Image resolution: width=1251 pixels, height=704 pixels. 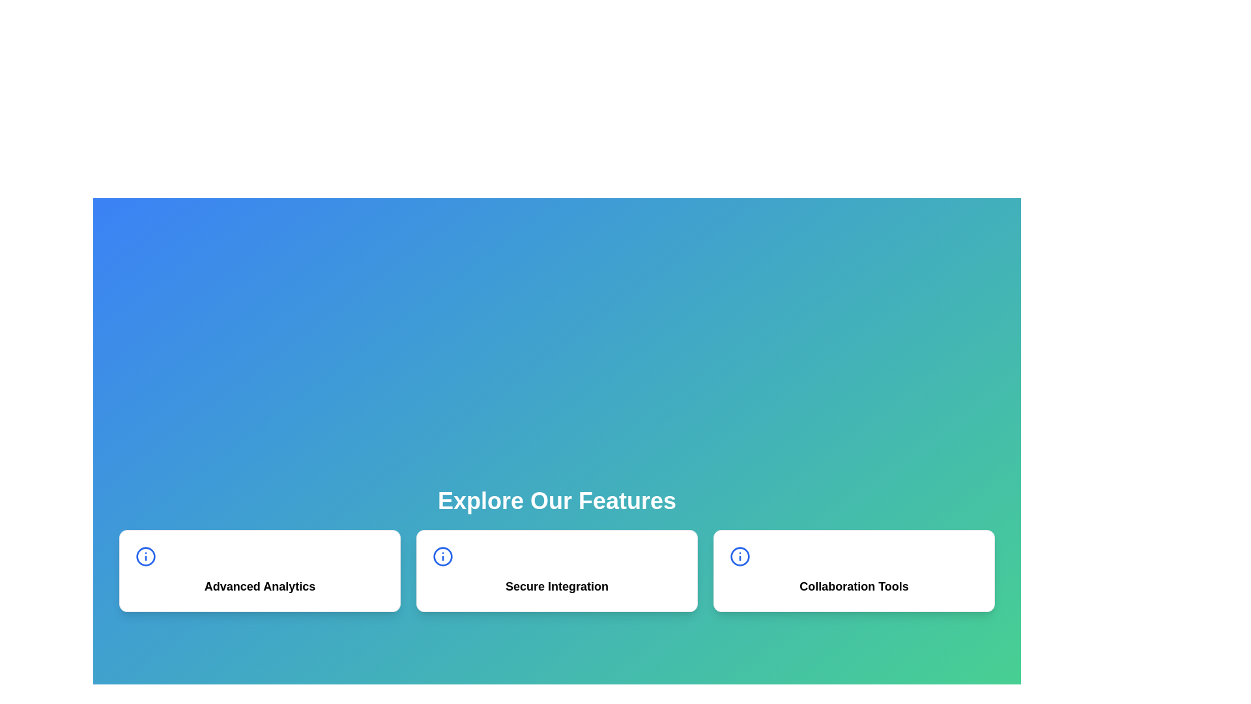 What do you see at coordinates (259, 585) in the screenshot?
I see `the heading text 'Advanced Analytics', which is styled in bold and located at the bottom of the leftmost card among three horizontally aligned cards` at bounding box center [259, 585].